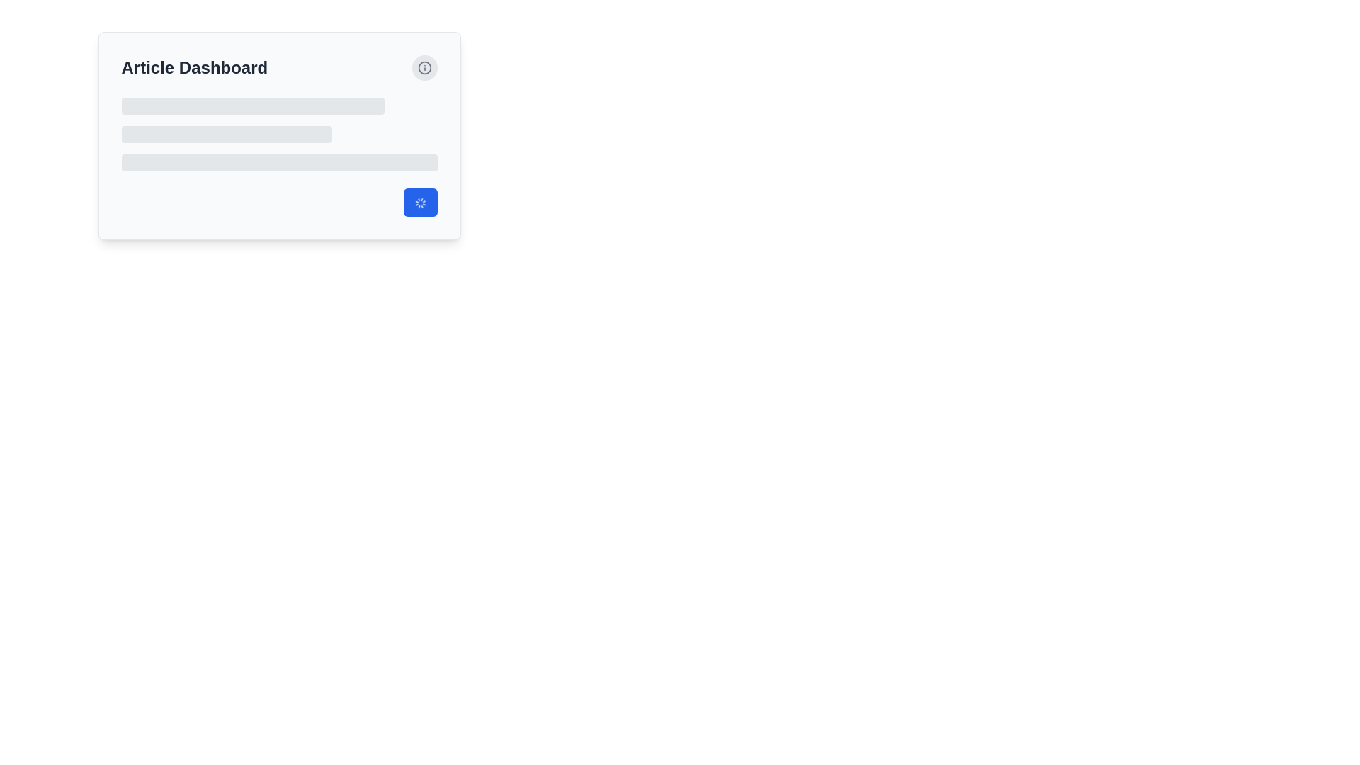  I want to click on the circular button with an information icon located to the right of the 'Article Dashboard' label to trigger a visual change, so click(424, 68).